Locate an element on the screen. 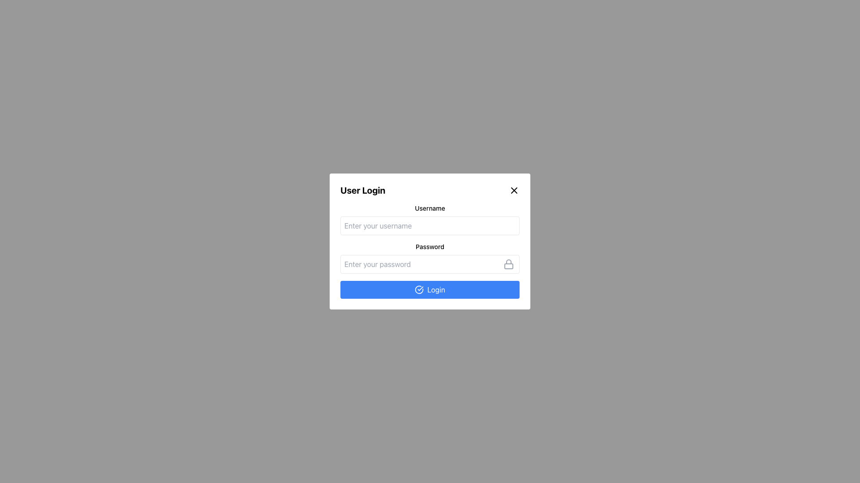  the 'Login' button which contains the Text Label for submitting the login form is located at coordinates (436, 290).